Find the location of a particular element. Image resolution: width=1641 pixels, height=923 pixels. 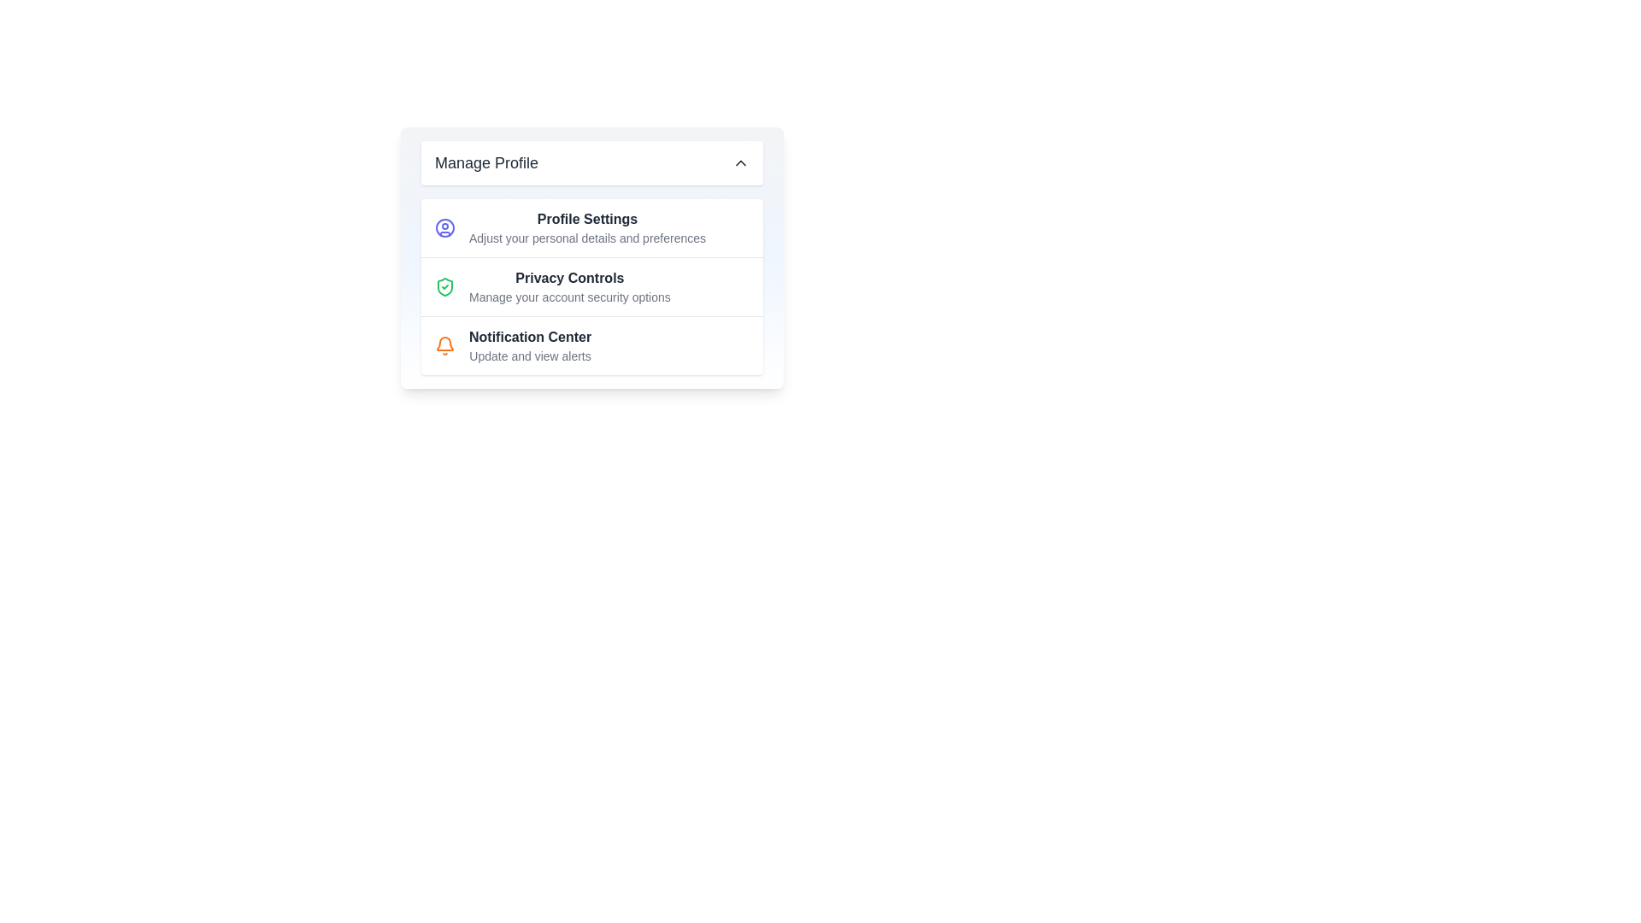

descriptive text label 'Manage your account security options' located below the 'Privacy Controls' label in the navigation panel is located at coordinates (569, 296).